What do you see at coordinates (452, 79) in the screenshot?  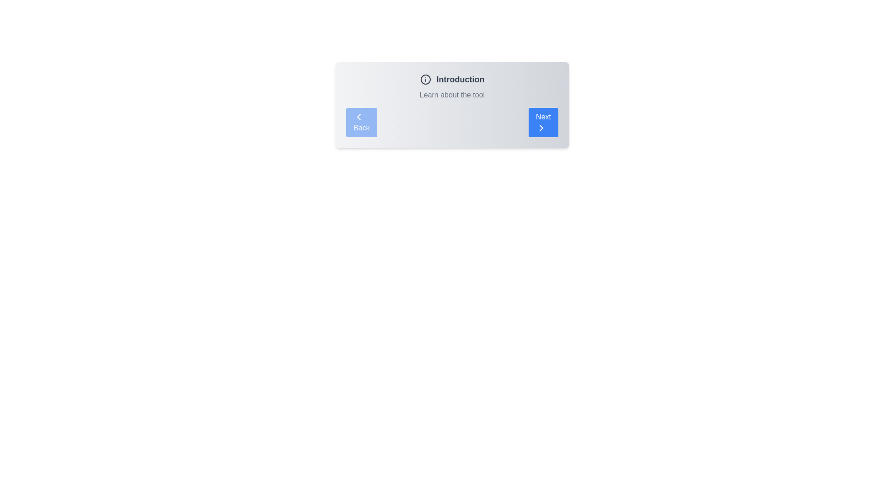 I see `the Text Display element located at the top-center of the card, which serves as a title or heading above the text 'Learn about the tool' and between the 'Back' and 'Next' buttons` at bounding box center [452, 79].